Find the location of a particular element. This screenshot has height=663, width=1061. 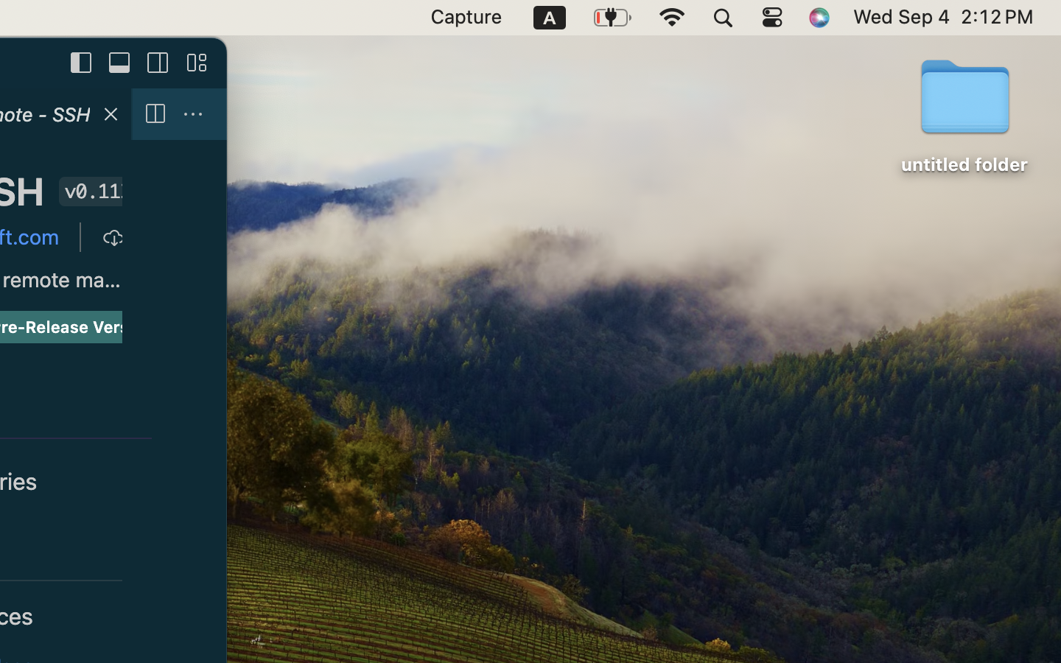

'' is located at coordinates (192, 114).